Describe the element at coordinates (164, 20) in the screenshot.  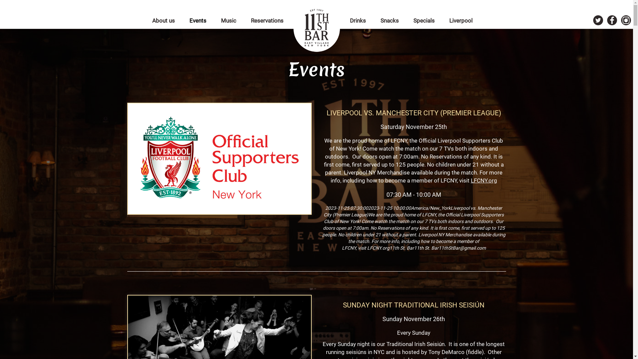
I see `'About us'` at that location.